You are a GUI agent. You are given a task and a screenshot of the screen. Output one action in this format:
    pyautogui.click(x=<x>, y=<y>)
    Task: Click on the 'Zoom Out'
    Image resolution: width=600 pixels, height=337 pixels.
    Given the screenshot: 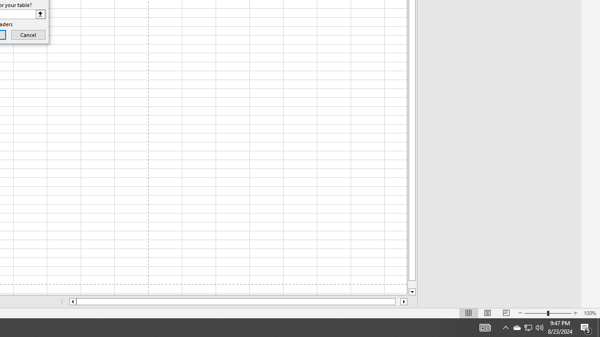 What is the action you would take?
    pyautogui.click(x=536, y=313)
    